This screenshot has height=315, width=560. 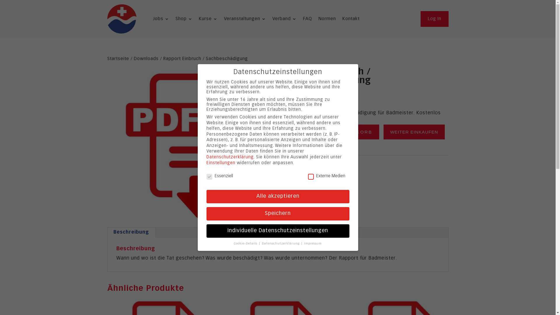 What do you see at coordinates (146, 59) in the screenshot?
I see `'Downloads'` at bounding box center [146, 59].